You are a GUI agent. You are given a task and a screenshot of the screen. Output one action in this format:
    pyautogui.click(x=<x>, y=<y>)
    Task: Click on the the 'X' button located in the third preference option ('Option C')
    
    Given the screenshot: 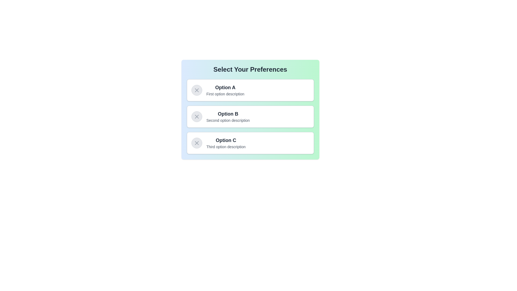 What is the action you would take?
    pyautogui.click(x=196, y=143)
    